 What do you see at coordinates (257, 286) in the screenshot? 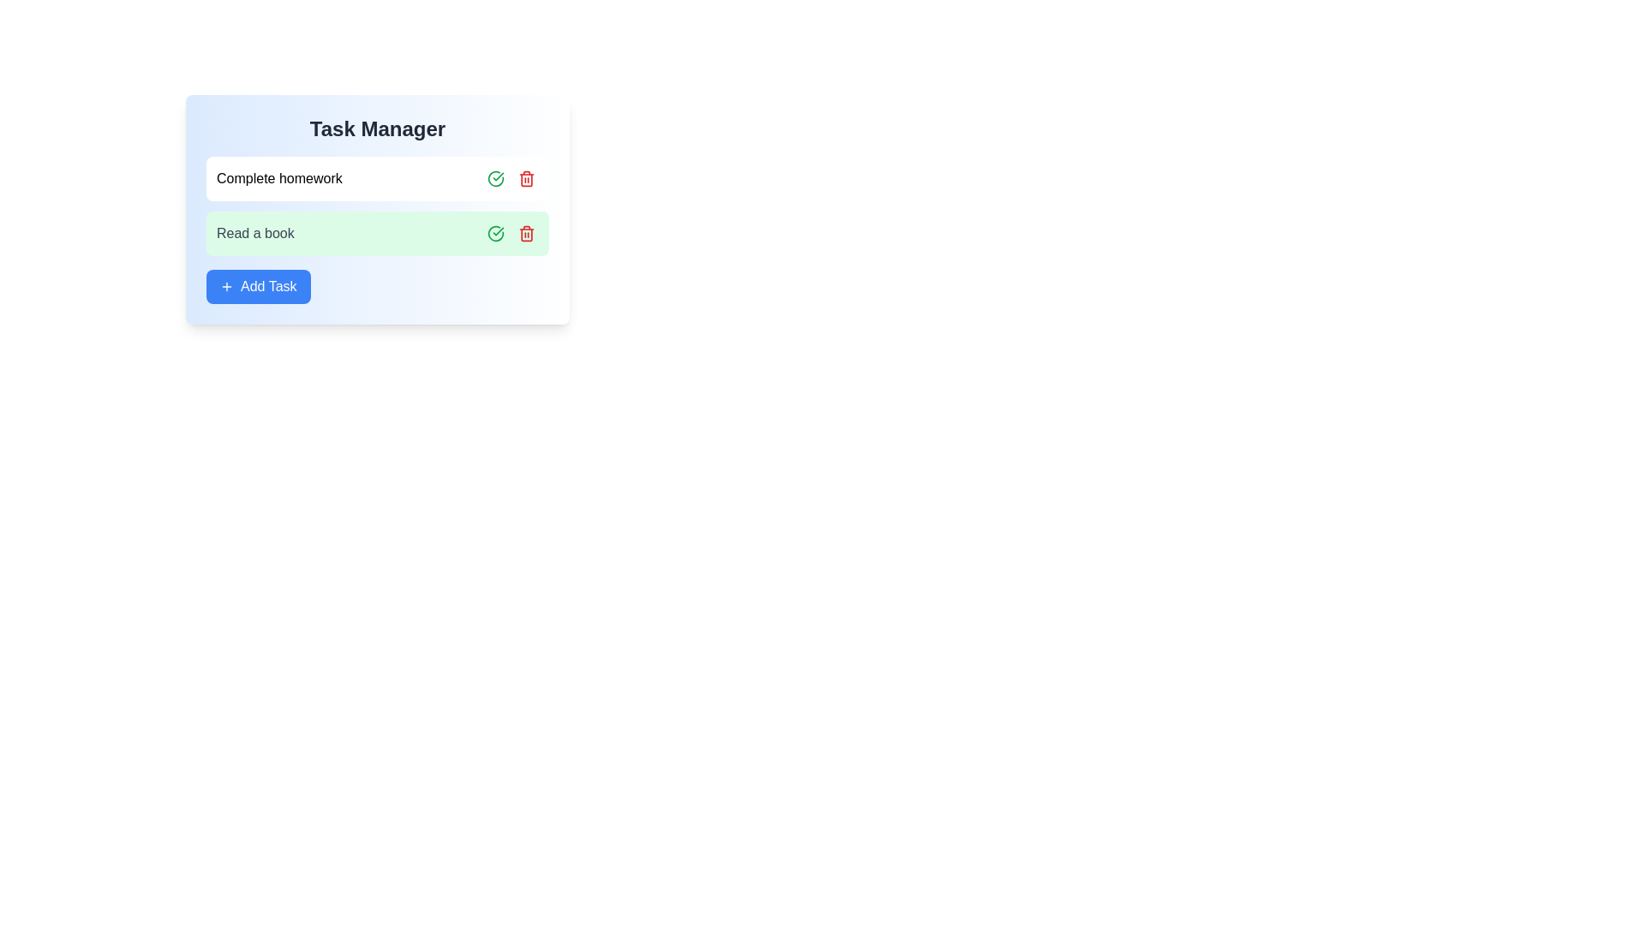
I see `the 'Add Task' button to add a new task` at bounding box center [257, 286].